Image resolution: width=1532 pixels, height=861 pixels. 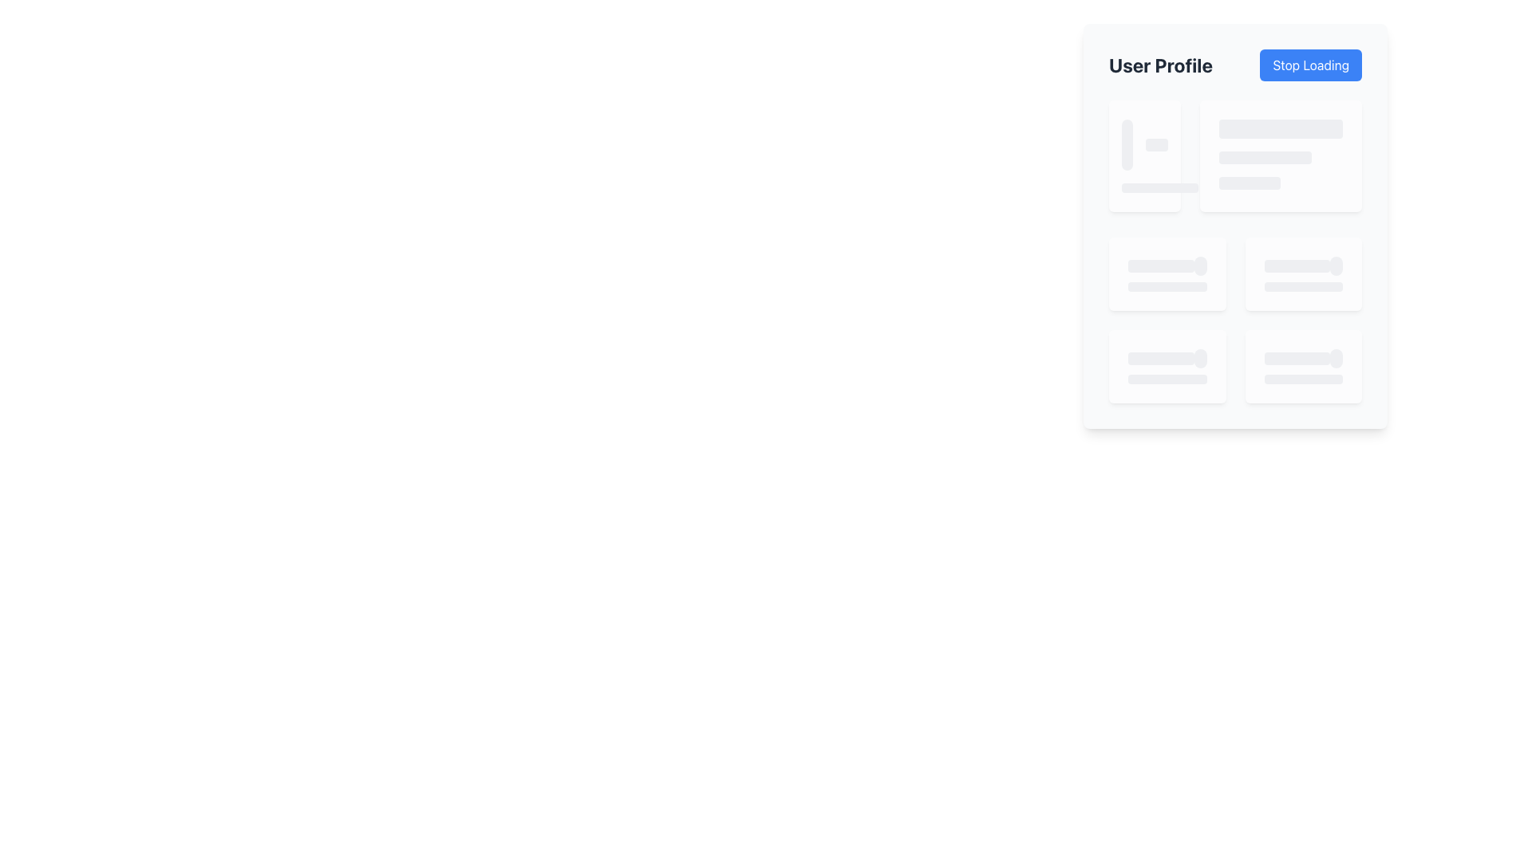 What do you see at coordinates (1197, 359) in the screenshot?
I see `the slider value` at bounding box center [1197, 359].